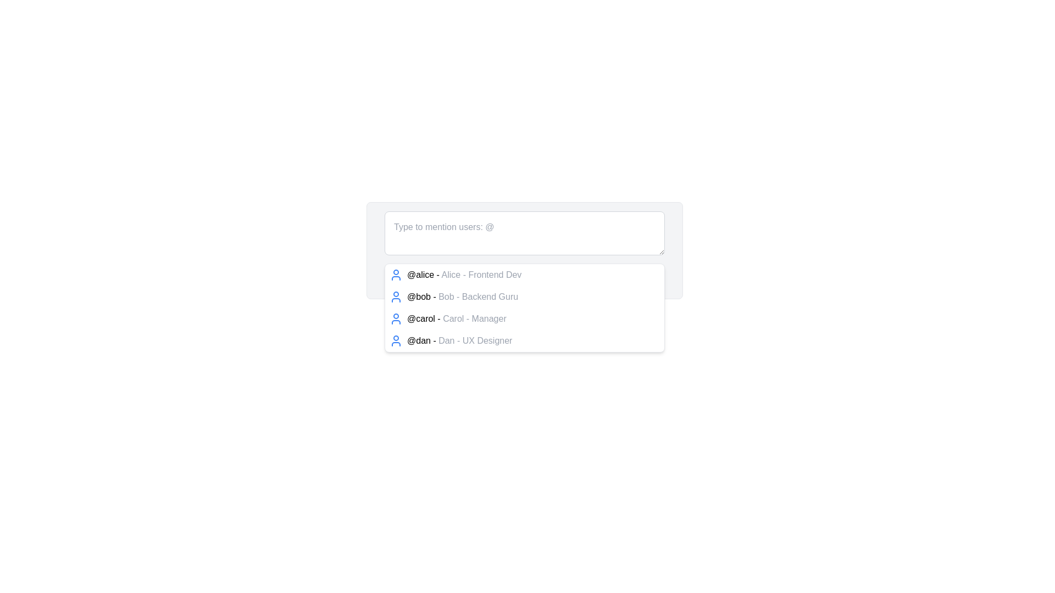  What do you see at coordinates (524, 234) in the screenshot?
I see `the text input field with a gray border and rounded corners that prompts 'Type to mention users: @' for further interaction` at bounding box center [524, 234].